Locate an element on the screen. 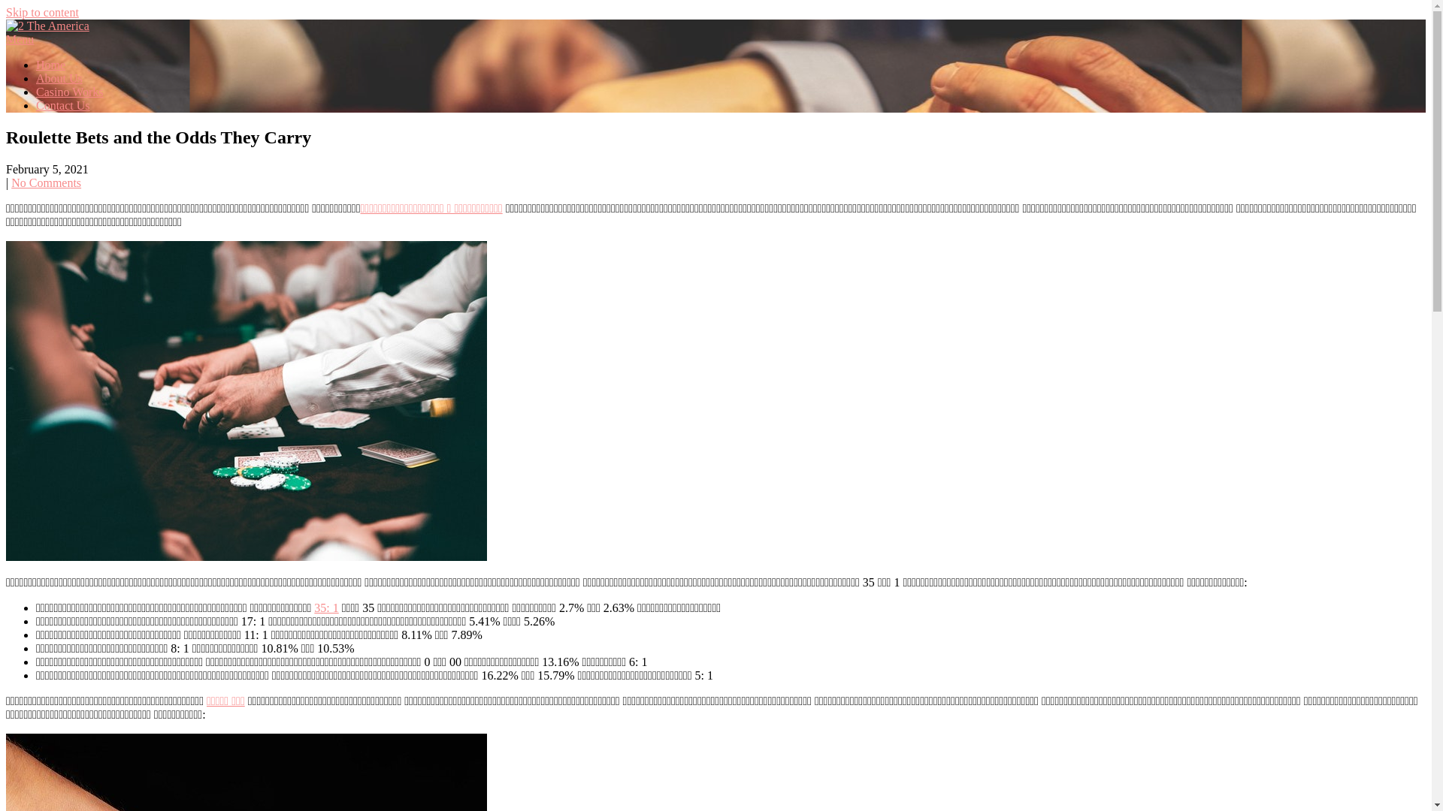  'Skip to content' is located at coordinates (42, 12).